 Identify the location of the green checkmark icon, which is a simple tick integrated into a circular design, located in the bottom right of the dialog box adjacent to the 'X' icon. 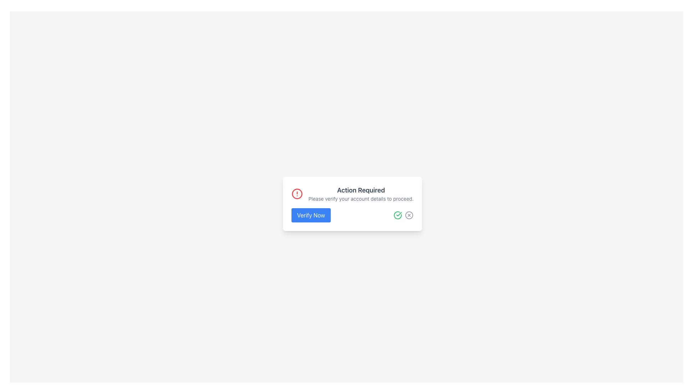
(399, 214).